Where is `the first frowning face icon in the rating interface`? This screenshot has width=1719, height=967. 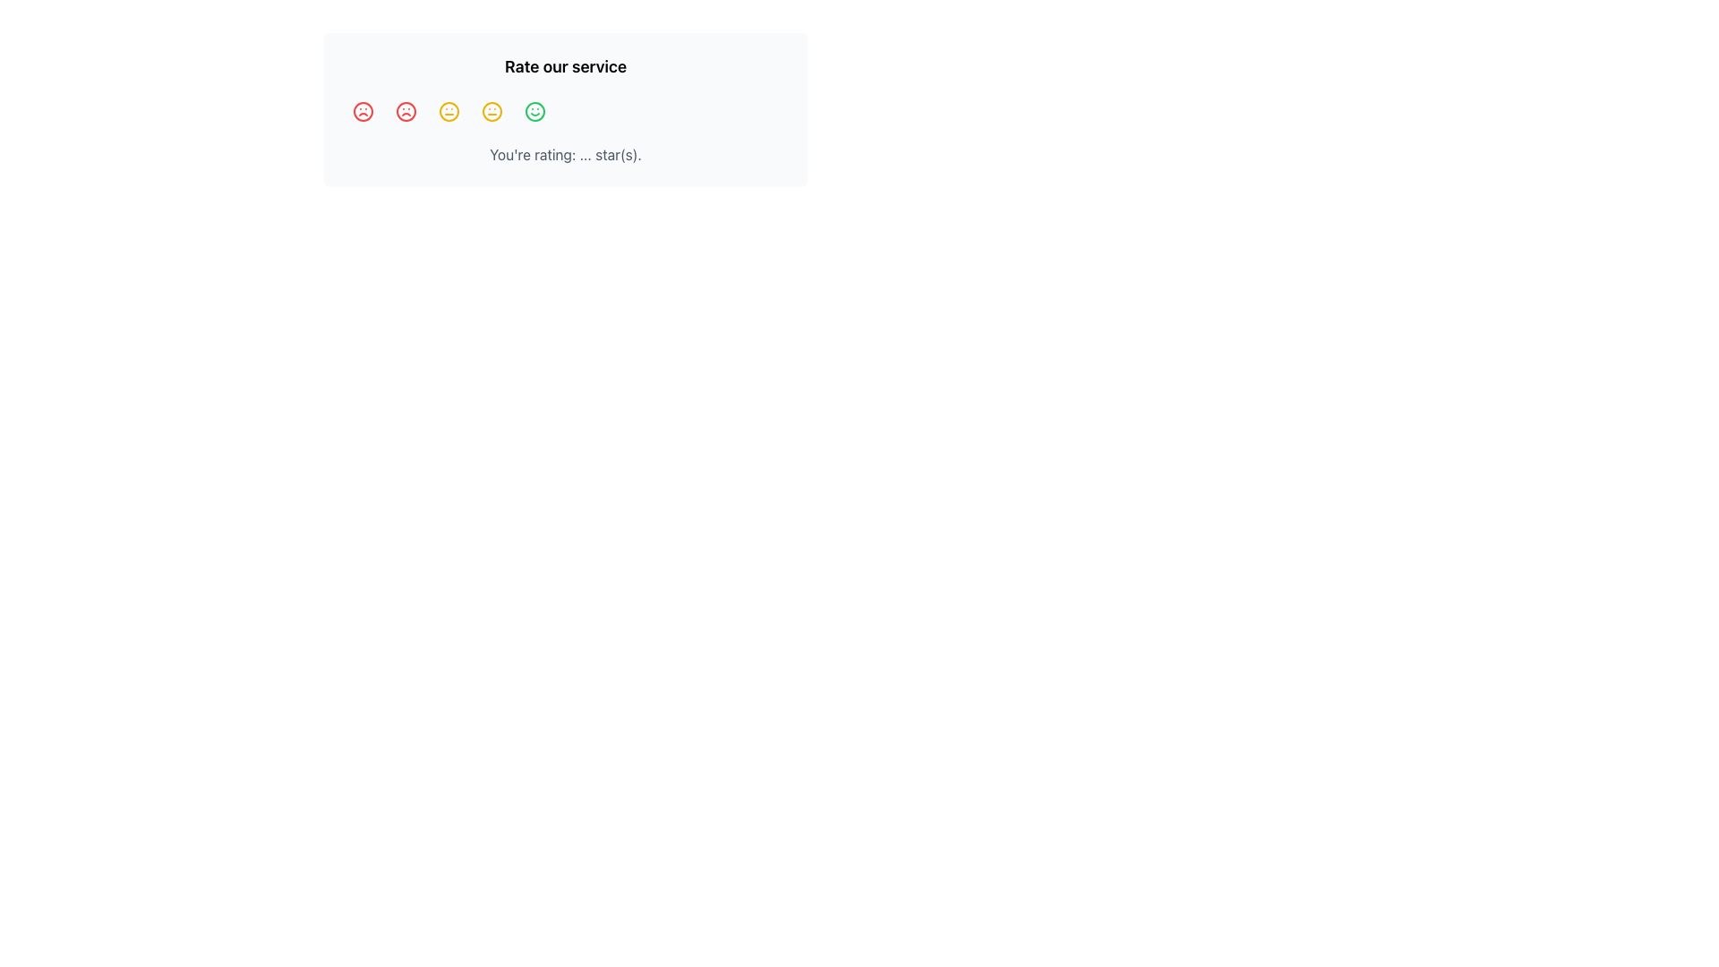
the first frowning face icon in the rating interface is located at coordinates (363, 111).